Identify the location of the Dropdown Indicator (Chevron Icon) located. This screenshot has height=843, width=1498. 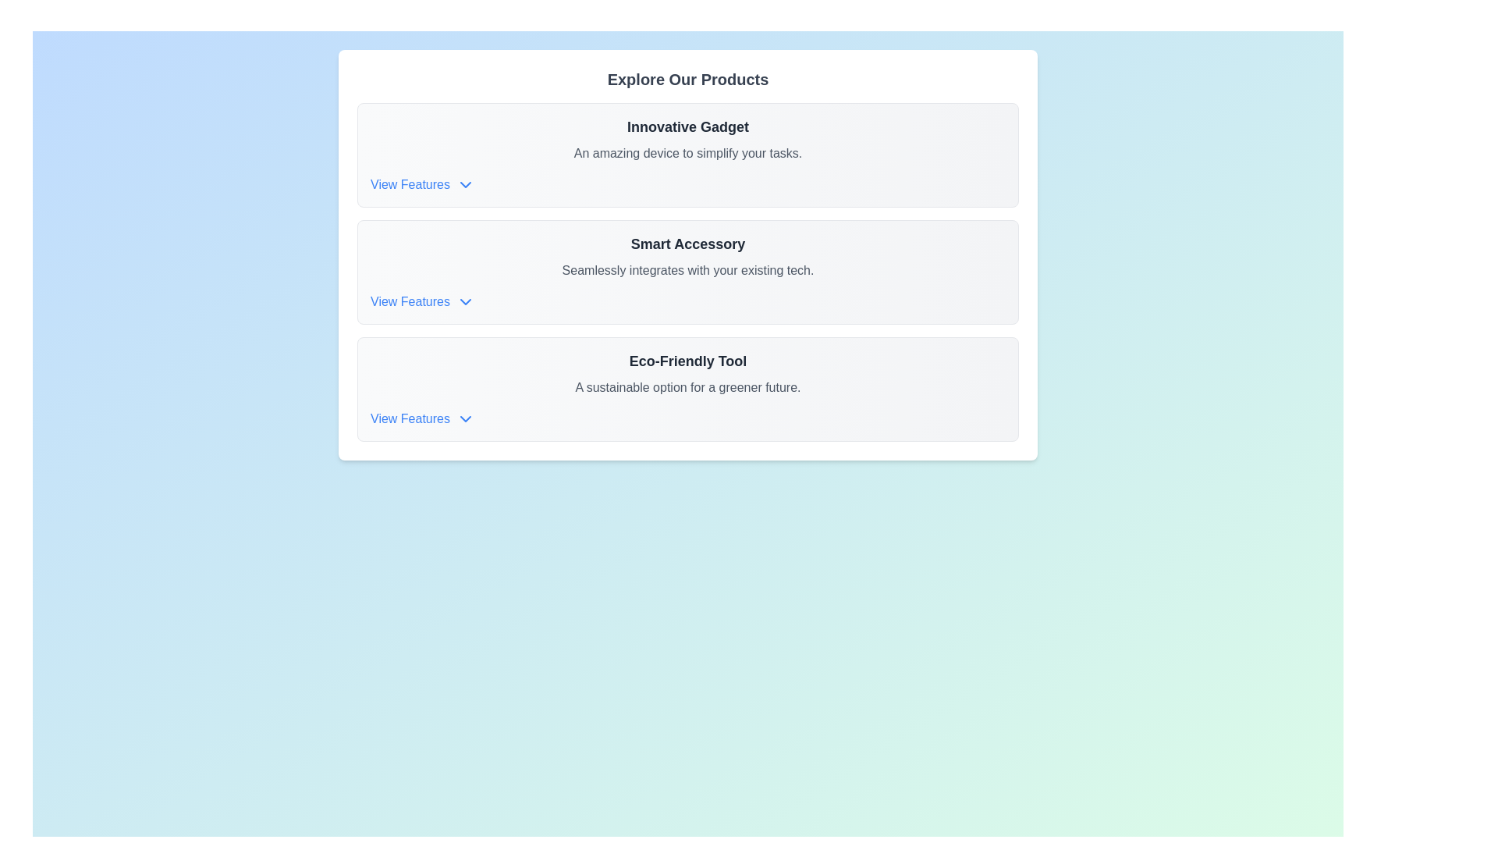
(464, 183).